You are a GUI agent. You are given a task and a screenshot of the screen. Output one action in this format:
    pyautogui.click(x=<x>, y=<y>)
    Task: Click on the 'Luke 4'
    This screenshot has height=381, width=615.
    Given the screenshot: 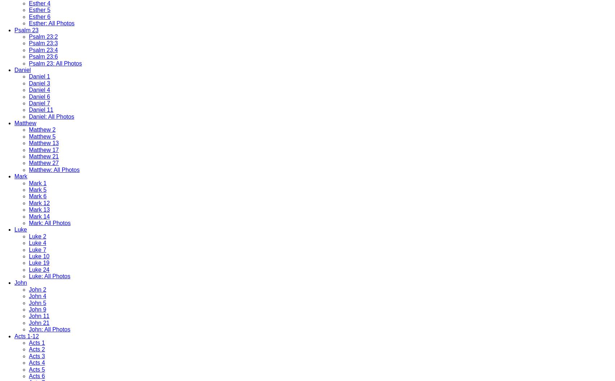 What is the action you would take?
    pyautogui.click(x=37, y=243)
    